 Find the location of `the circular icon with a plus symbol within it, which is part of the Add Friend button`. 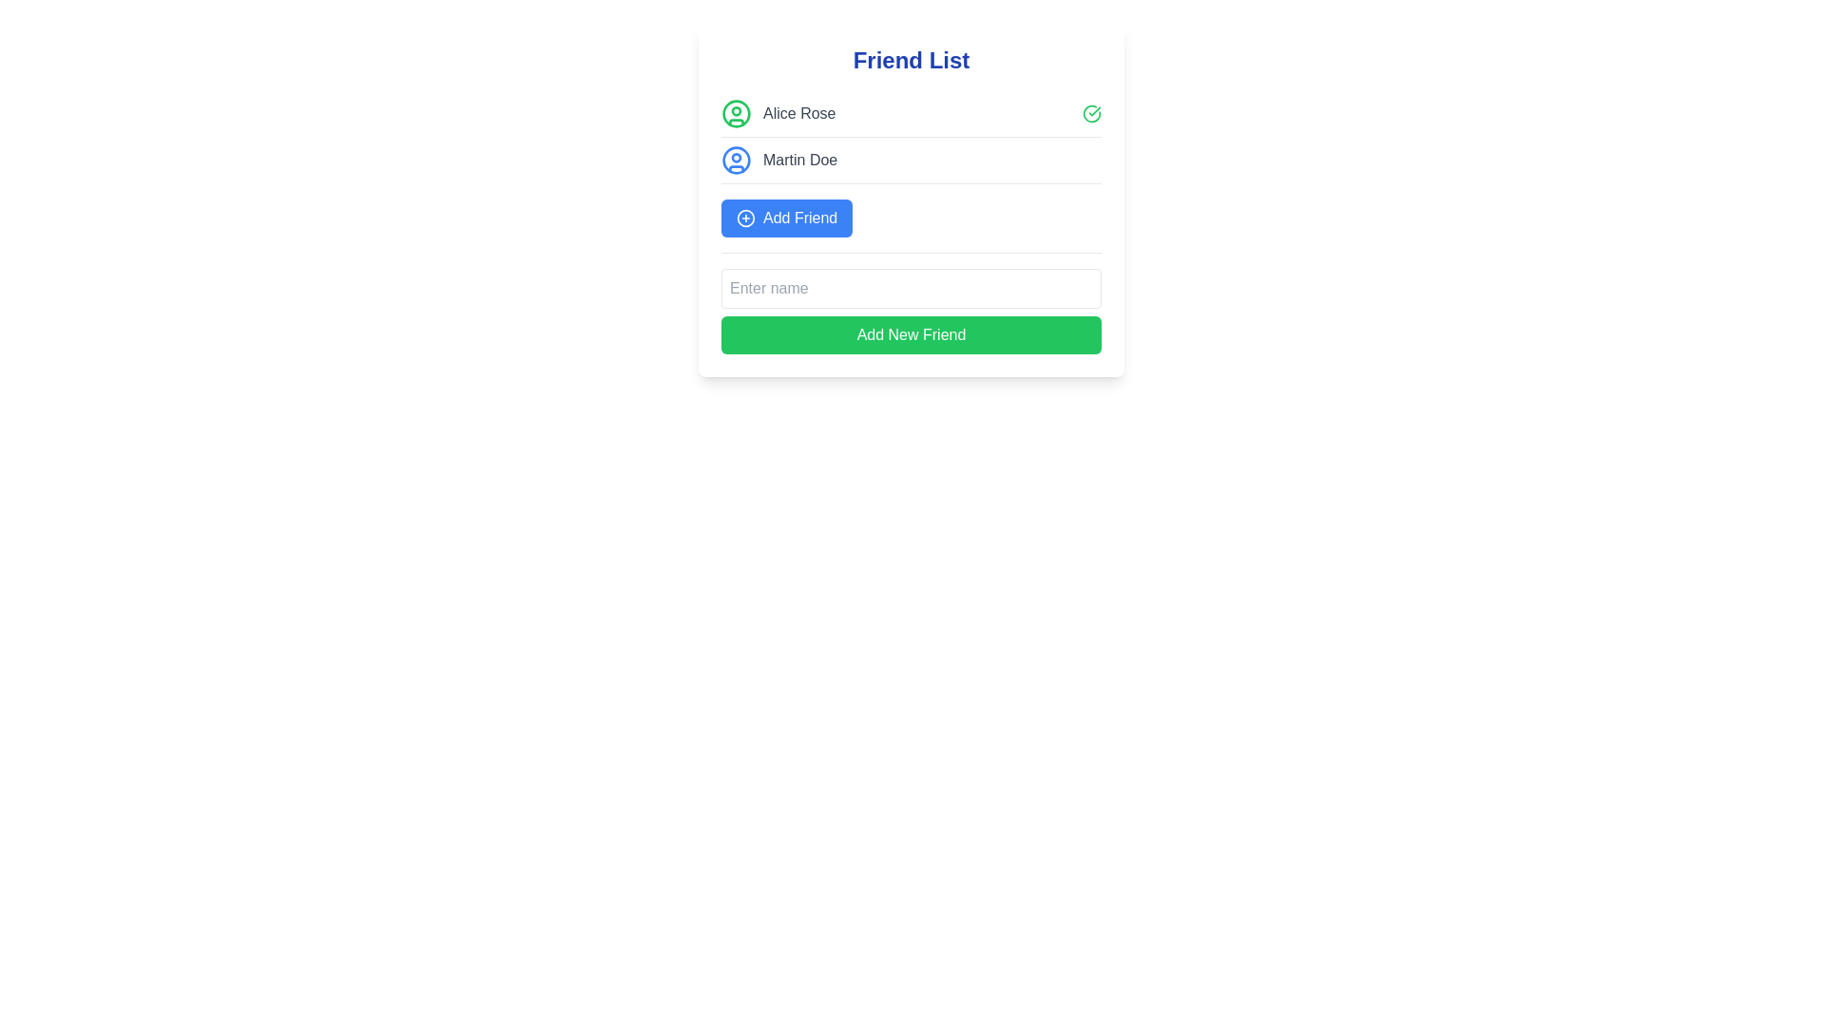

the circular icon with a plus symbol within it, which is part of the Add Friend button is located at coordinates (745, 218).